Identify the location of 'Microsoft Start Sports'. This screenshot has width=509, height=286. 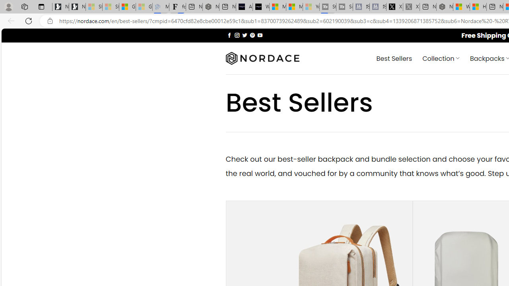
(278, 7).